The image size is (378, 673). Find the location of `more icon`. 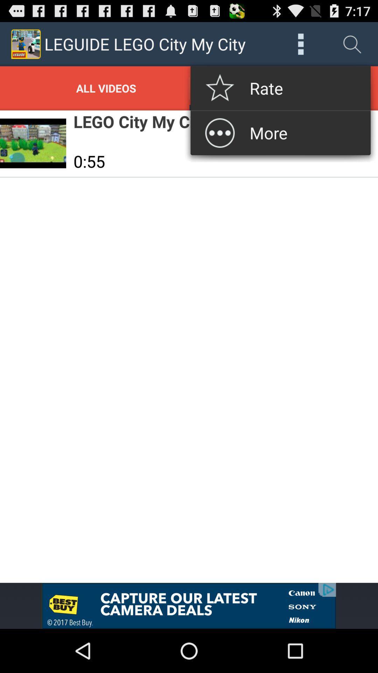

more icon is located at coordinates (300, 43).